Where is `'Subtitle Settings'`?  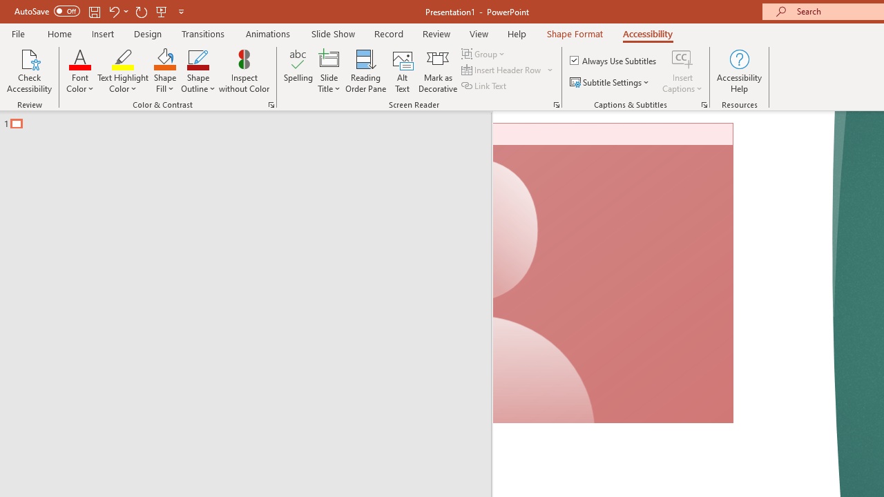 'Subtitle Settings' is located at coordinates (610, 82).